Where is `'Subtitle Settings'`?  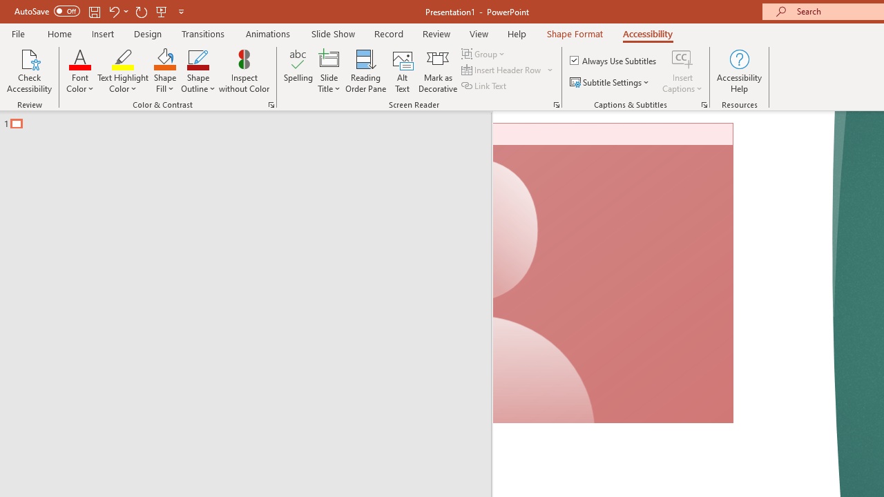 'Subtitle Settings' is located at coordinates (610, 82).